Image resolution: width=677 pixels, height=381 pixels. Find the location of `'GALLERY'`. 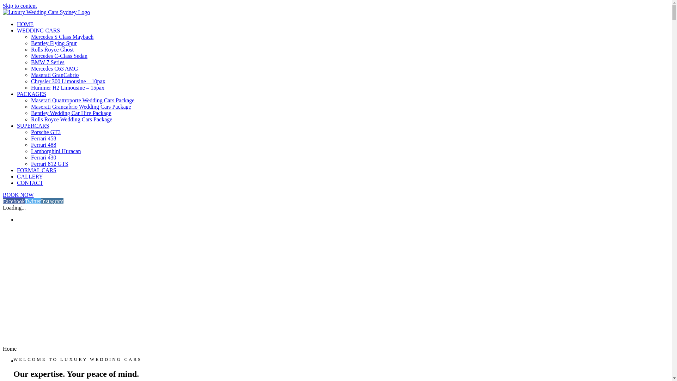

'GALLERY' is located at coordinates (30, 176).